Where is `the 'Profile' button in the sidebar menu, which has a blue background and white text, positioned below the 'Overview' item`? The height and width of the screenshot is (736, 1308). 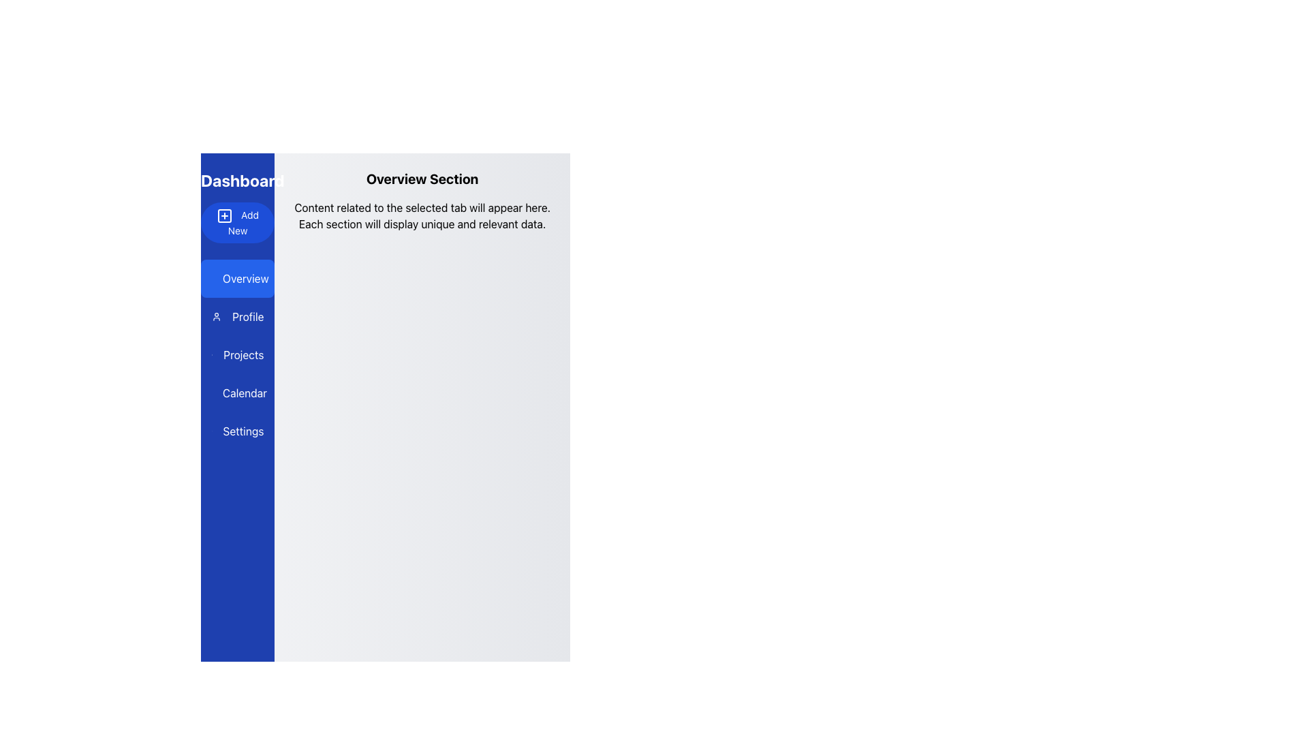 the 'Profile' button in the sidebar menu, which has a blue background and white text, positioned below the 'Overview' item is located at coordinates (238, 317).